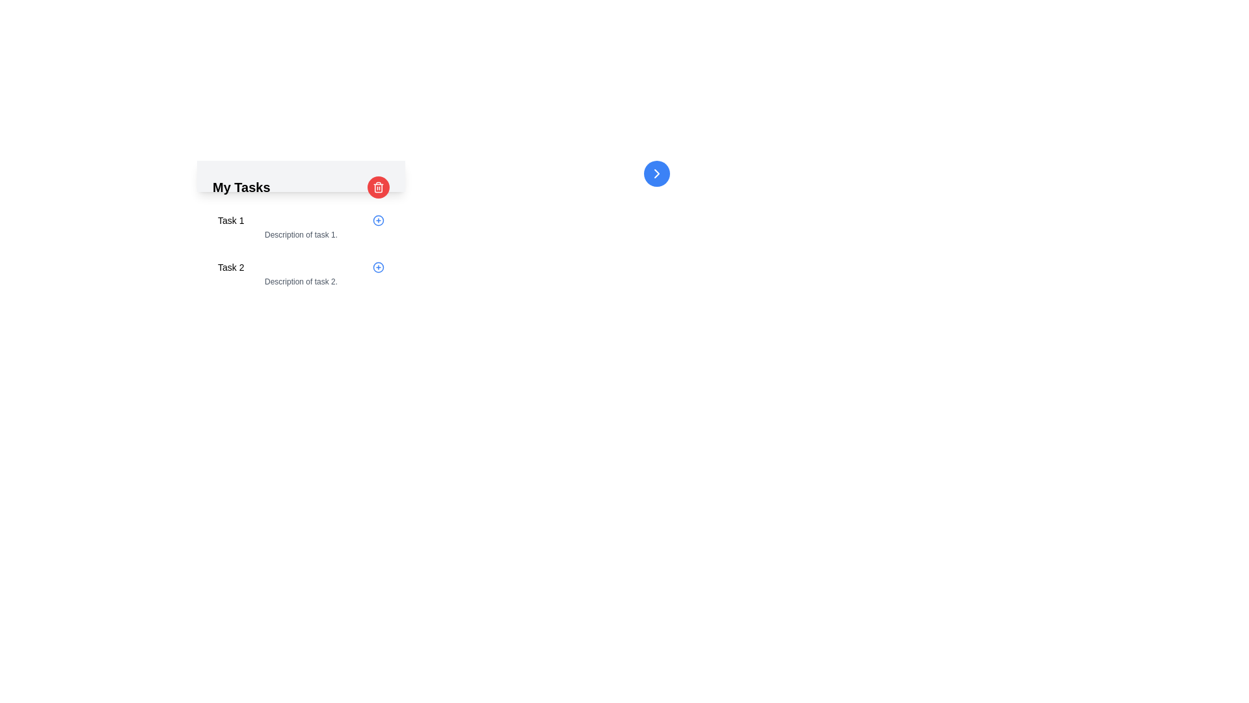  What do you see at coordinates (377, 187) in the screenshot?
I see `the delete button located to the right of the title 'My Tasks'` at bounding box center [377, 187].